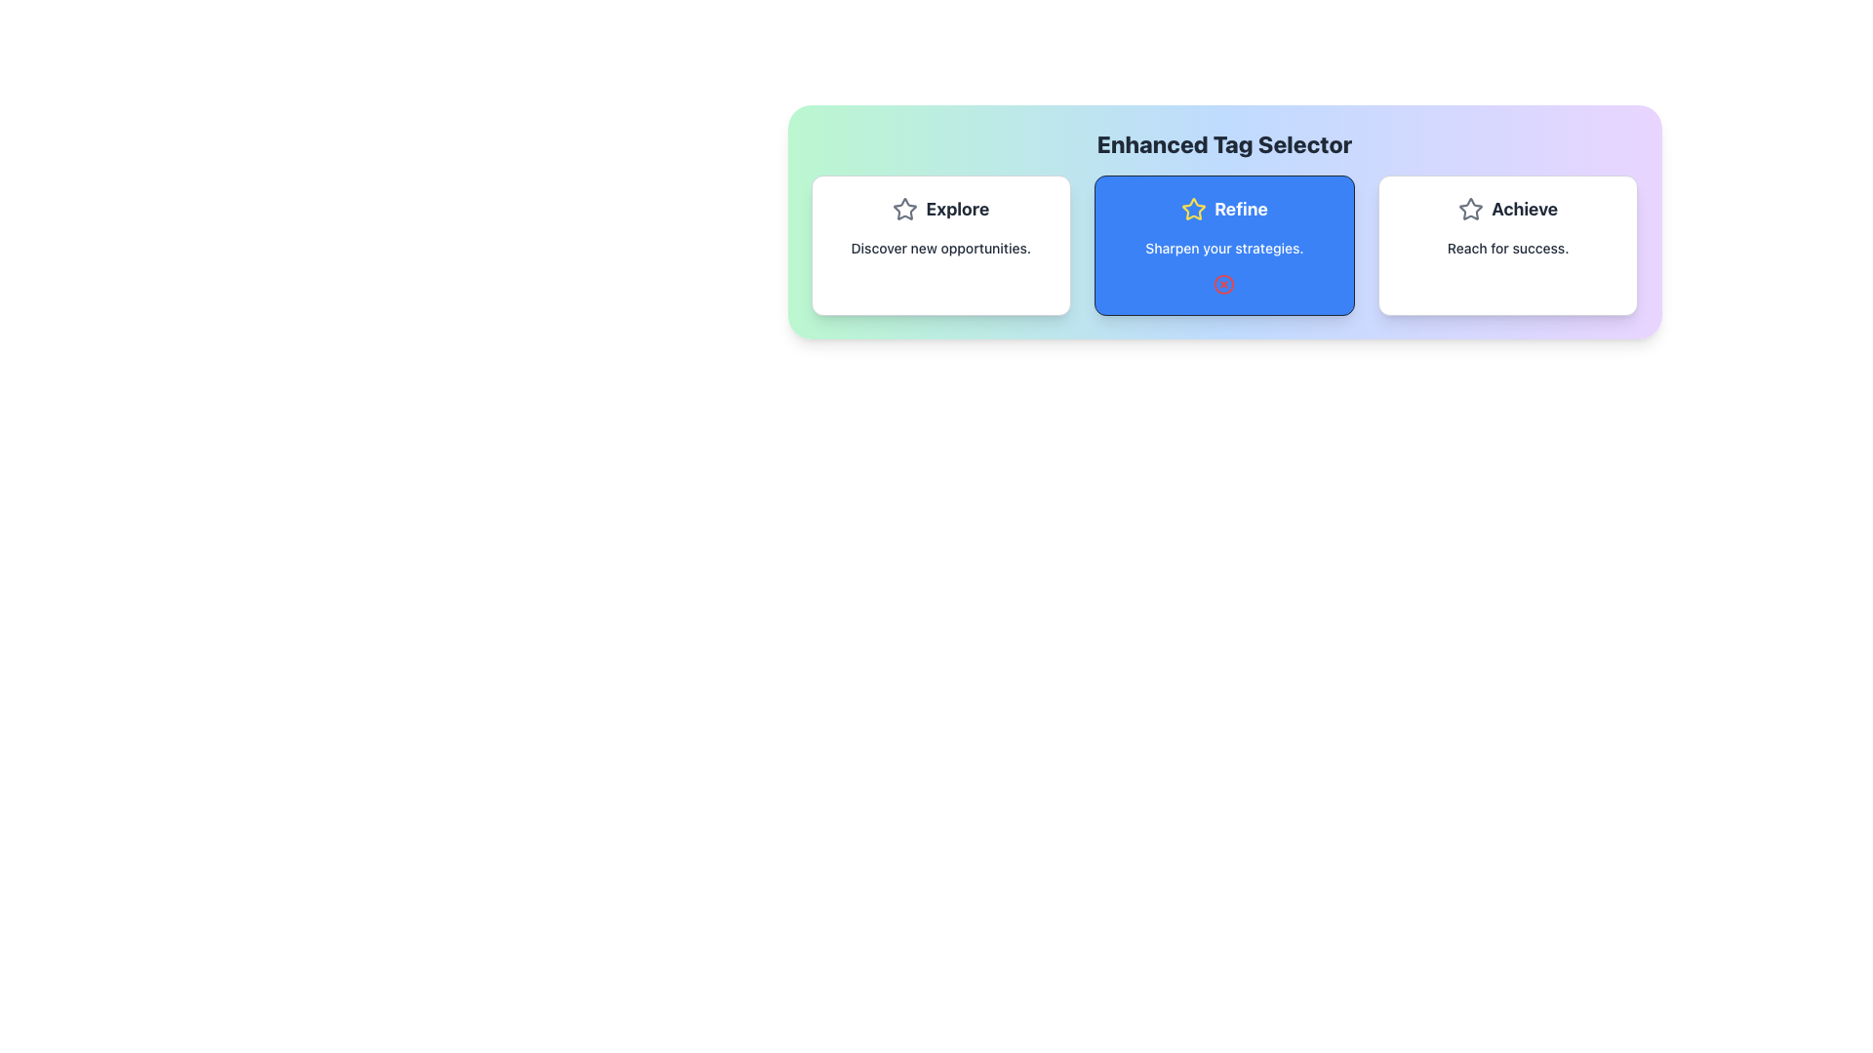 The height and width of the screenshot is (1053, 1873). What do you see at coordinates (1223, 220) in the screenshot?
I see `the 'Refine' button, which is the second item in a three-column layout under the heading 'Enhanced Tag Selector'` at bounding box center [1223, 220].